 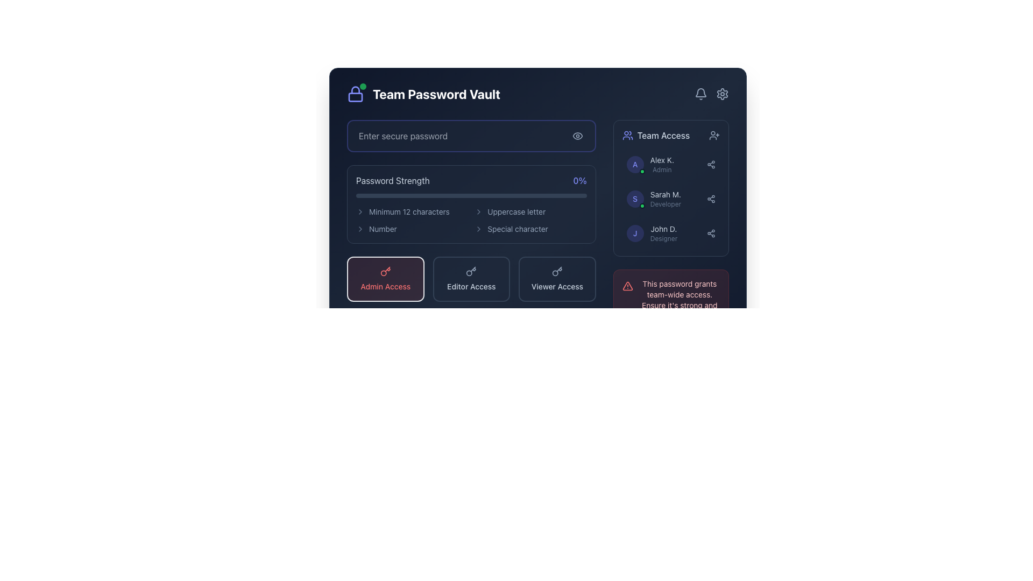 I want to click on the key icon within the 'Editor Access' button, which is styled with a dark theme and positioned between the 'Admin Access' and 'Viewer Access' buttons, so click(x=471, y=271).